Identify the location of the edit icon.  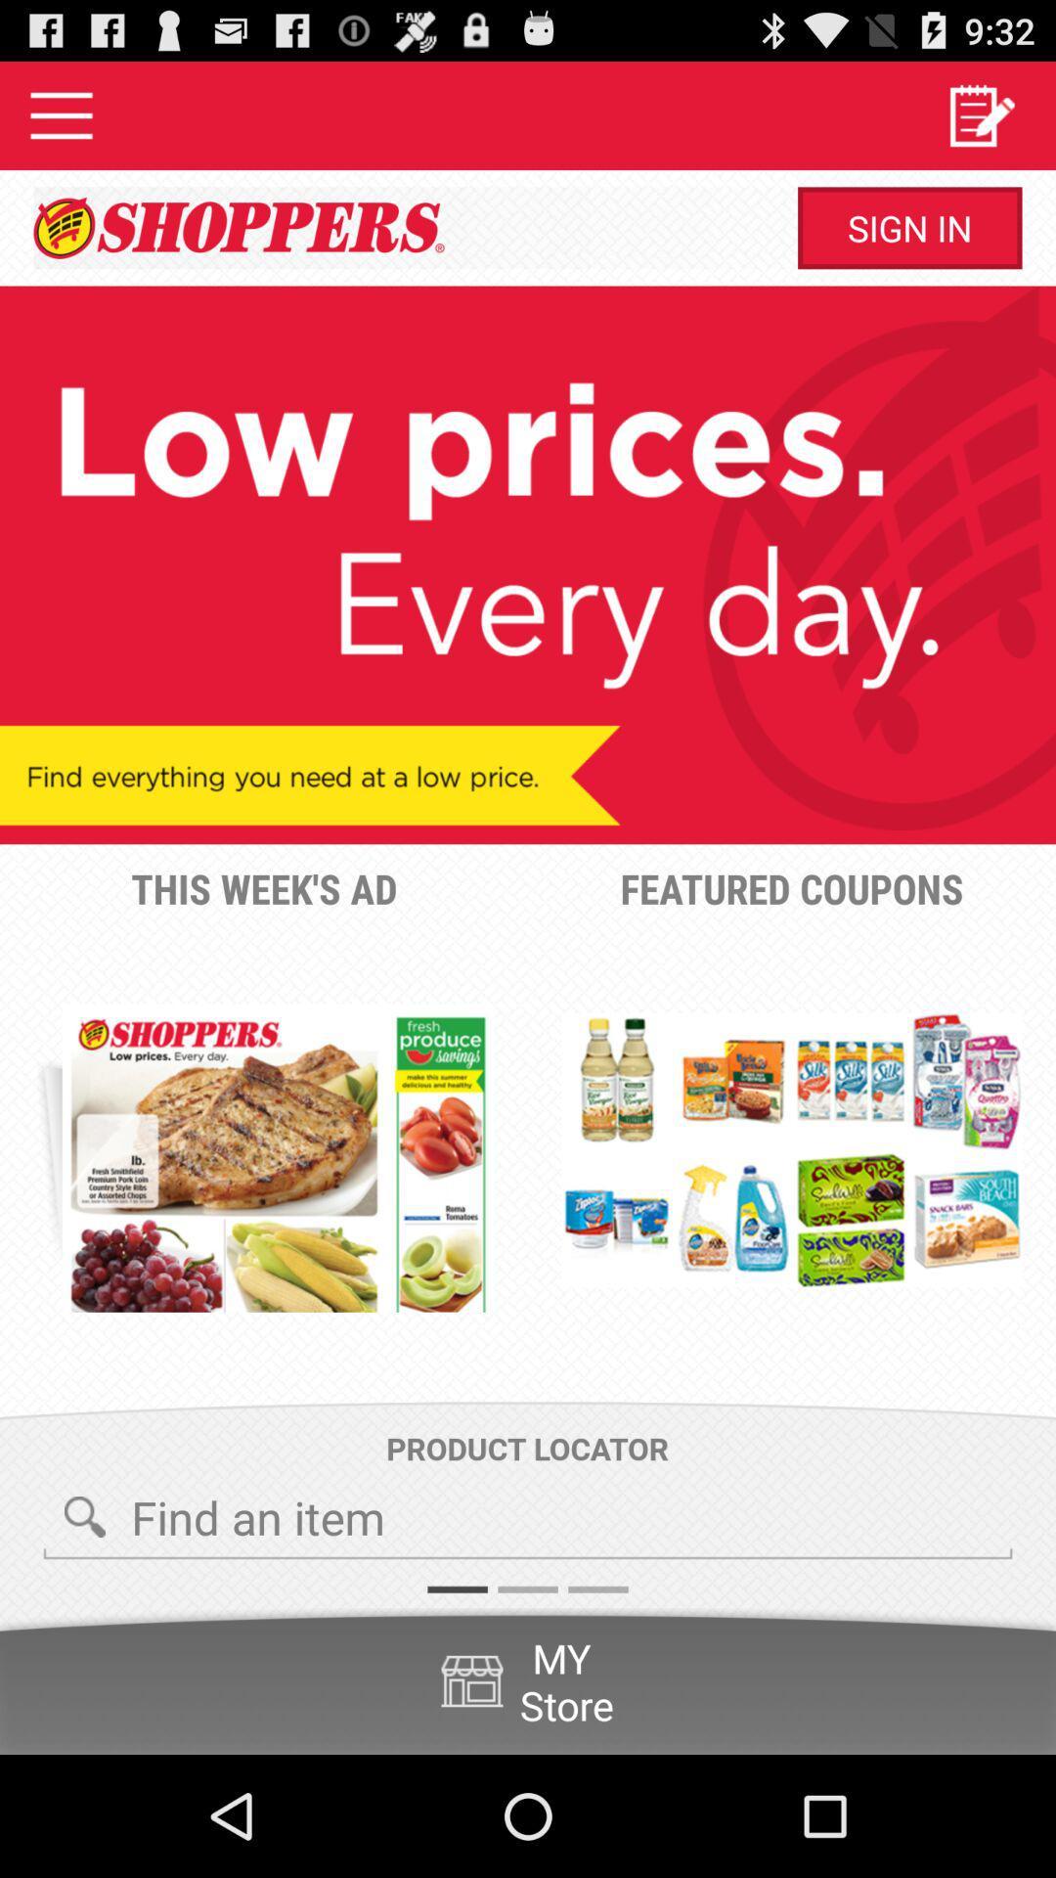
(981, 122).